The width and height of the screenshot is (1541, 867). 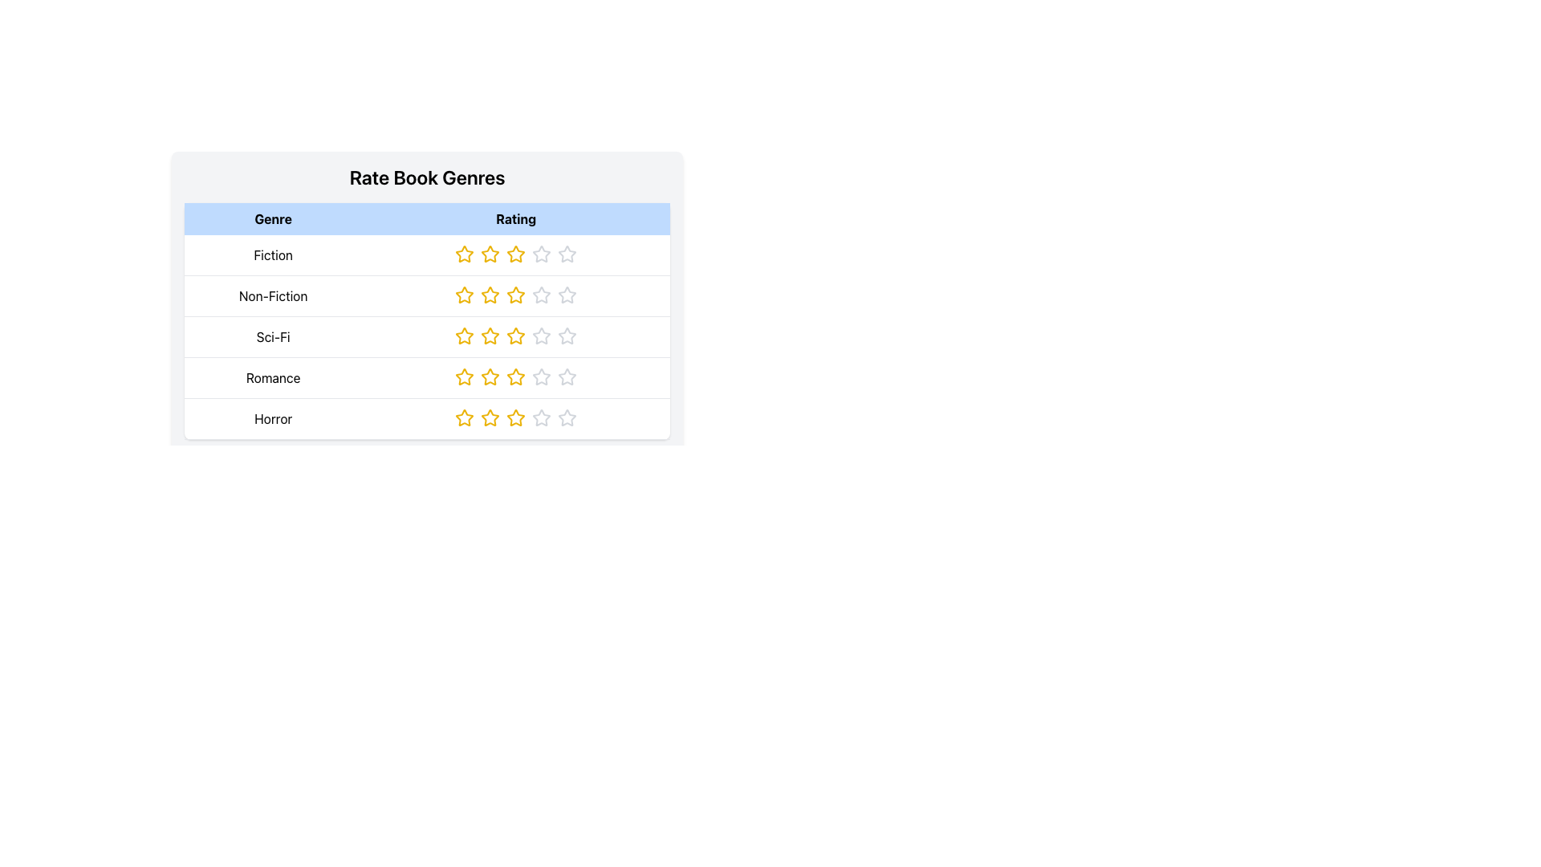 I want to click on the fourth star icon in the Sci-Fi genre rating system, so click(x=567, y=335).